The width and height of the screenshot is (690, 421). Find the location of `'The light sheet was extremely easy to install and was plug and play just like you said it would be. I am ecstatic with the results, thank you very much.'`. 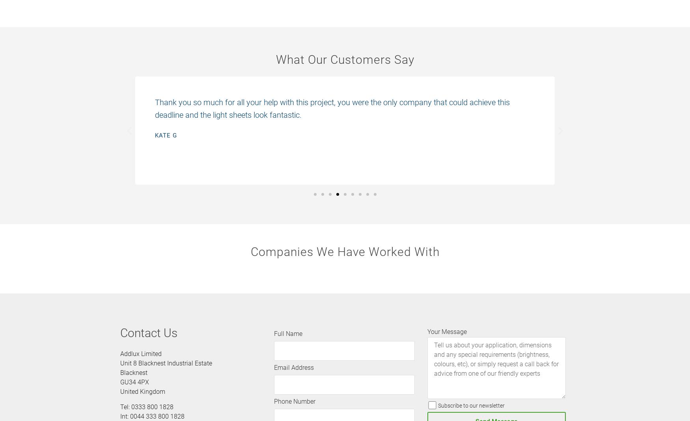

'The light sheet was extremely easy to install and was plug and play just like you said it would be. I am ecstatic with the results, thank you very much.' is located at coordinates (341, 108).